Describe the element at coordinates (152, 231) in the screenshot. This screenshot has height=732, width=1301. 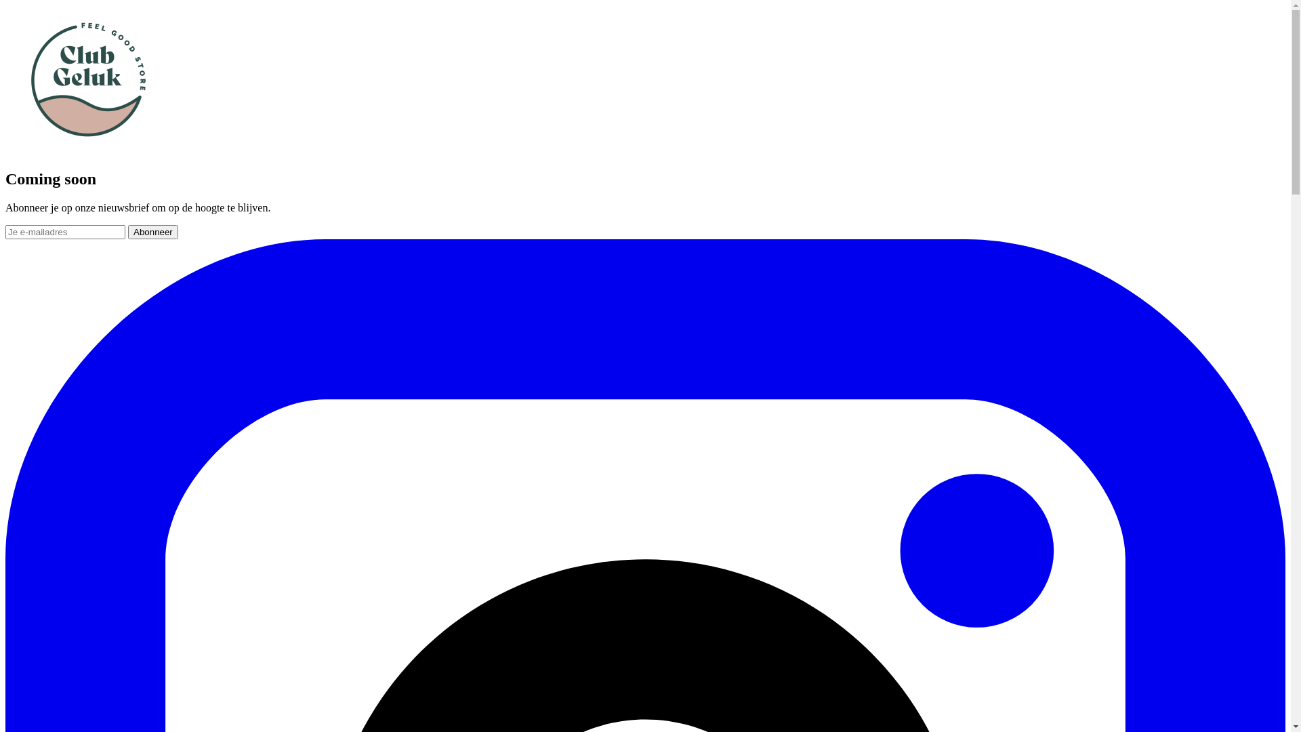
I see `'Abonneer'` at that location.